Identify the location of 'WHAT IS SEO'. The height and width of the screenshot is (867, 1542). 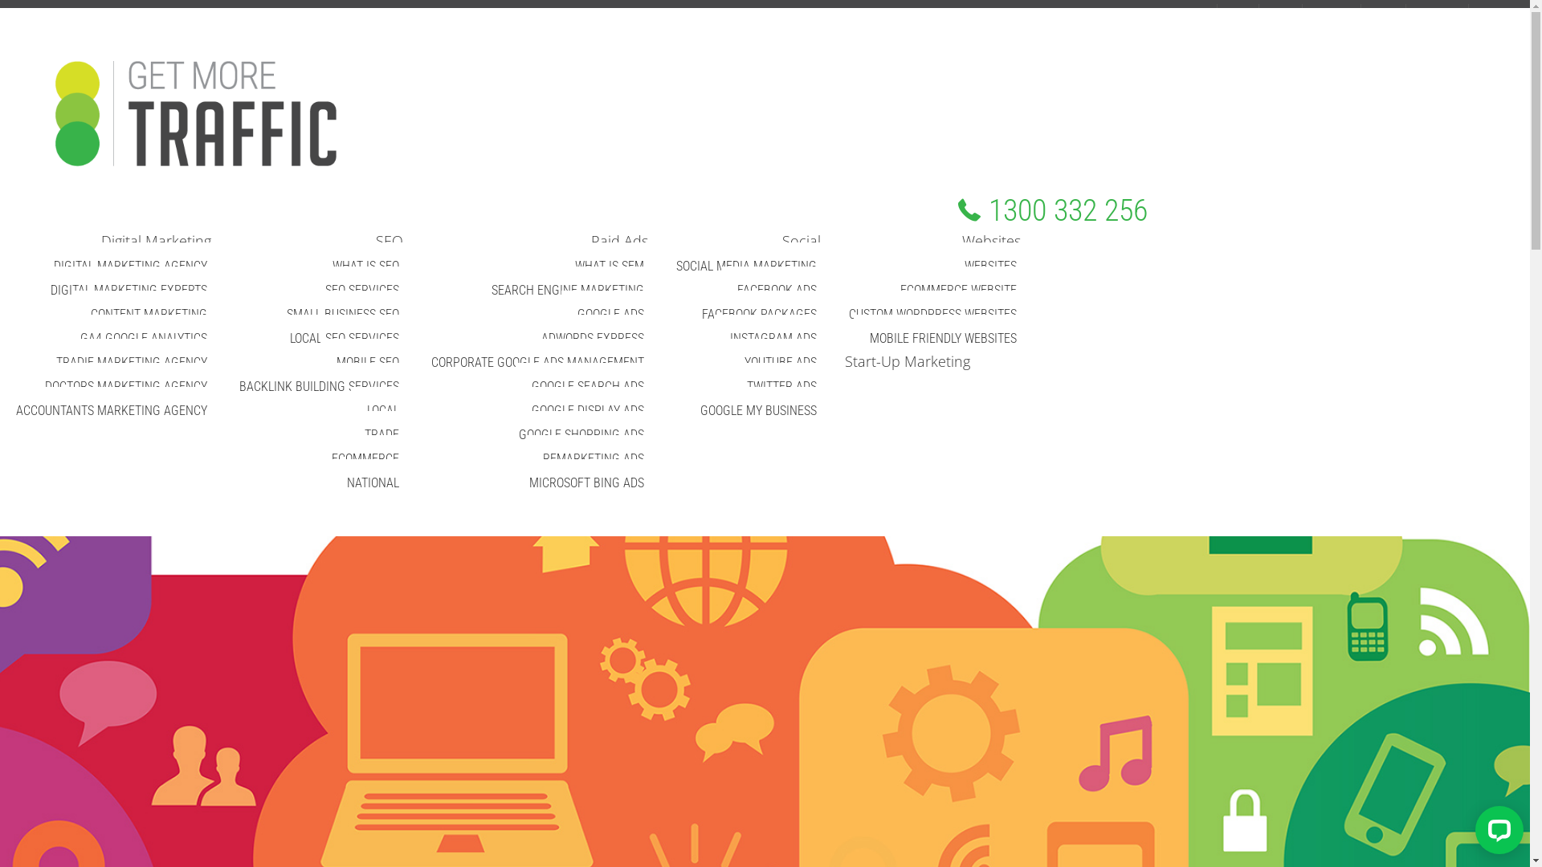
(365, 265).